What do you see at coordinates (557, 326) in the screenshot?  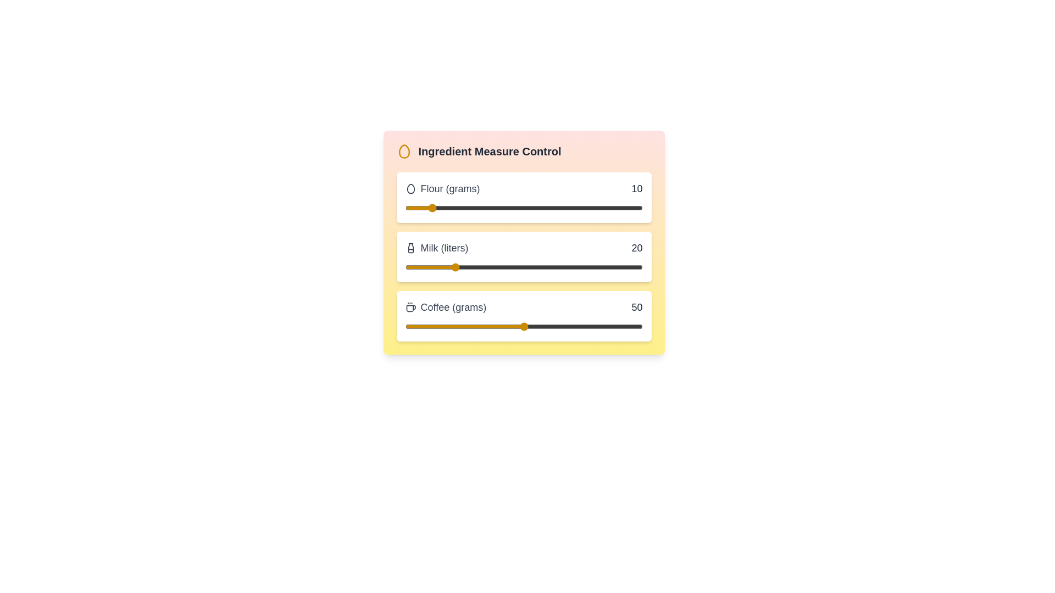 I see `the coffee amount` at bounding box center [557, 326].